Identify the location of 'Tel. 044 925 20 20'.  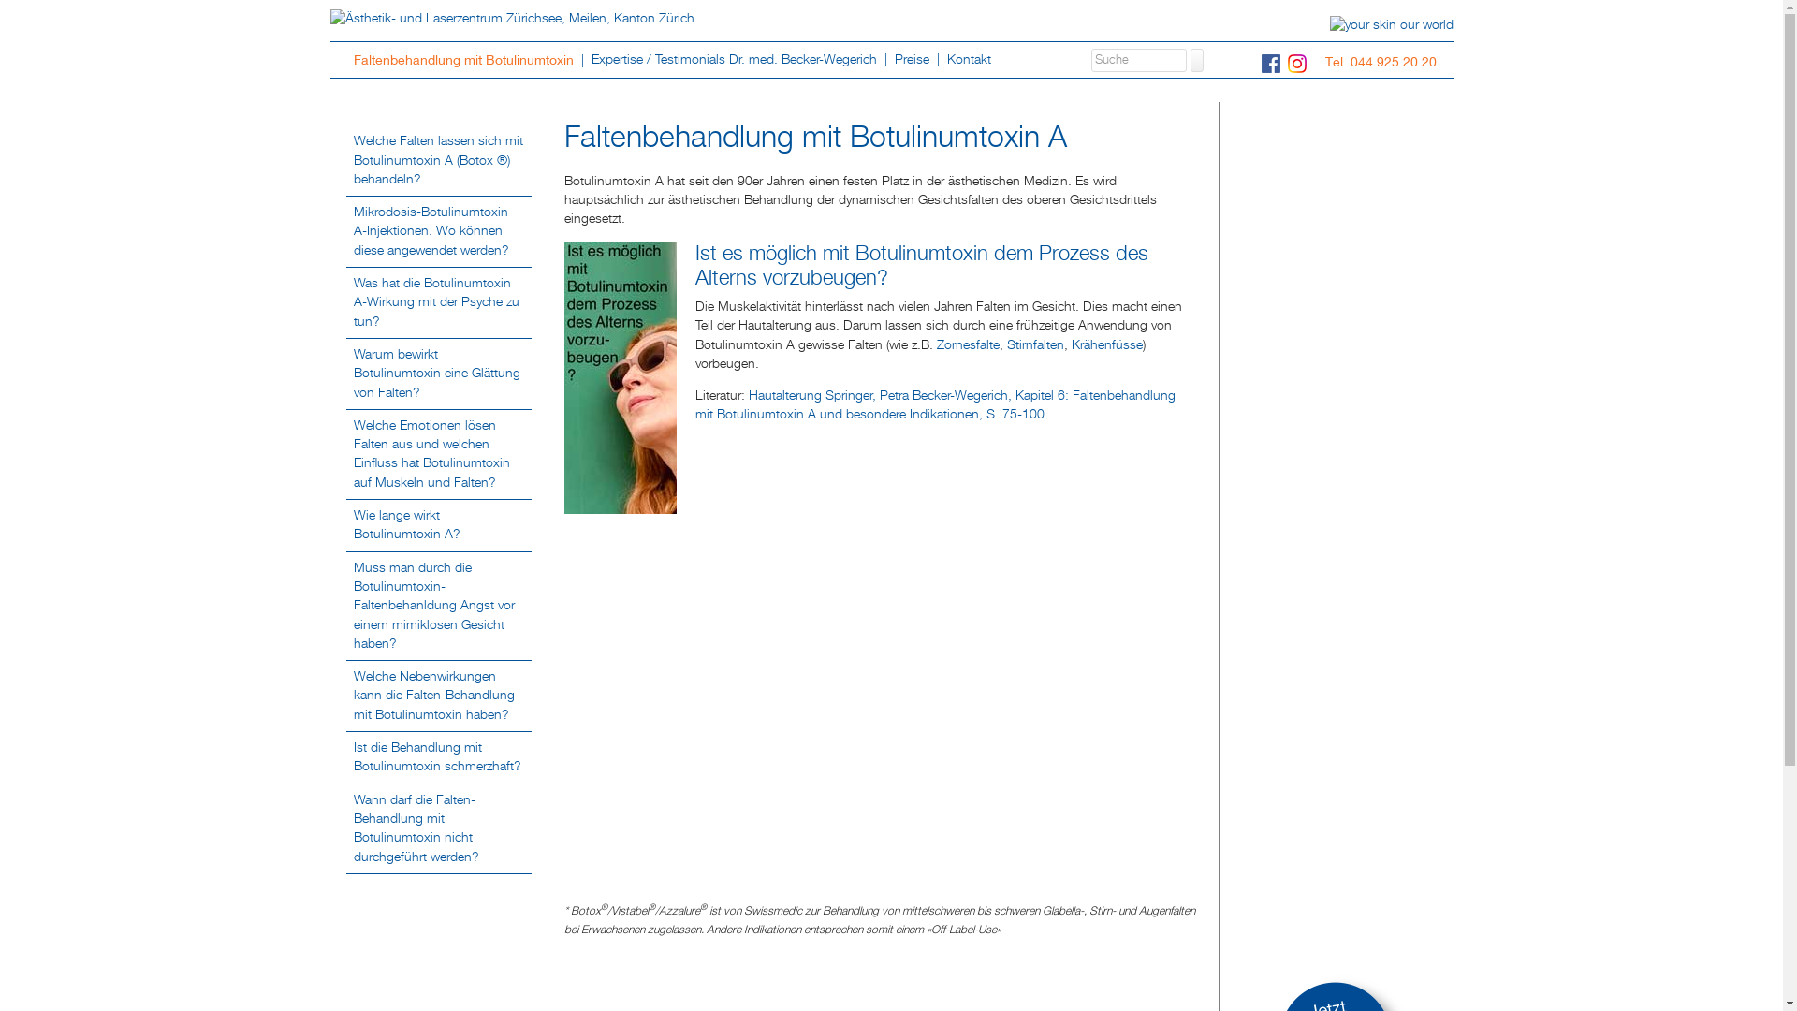
(1384, 60).